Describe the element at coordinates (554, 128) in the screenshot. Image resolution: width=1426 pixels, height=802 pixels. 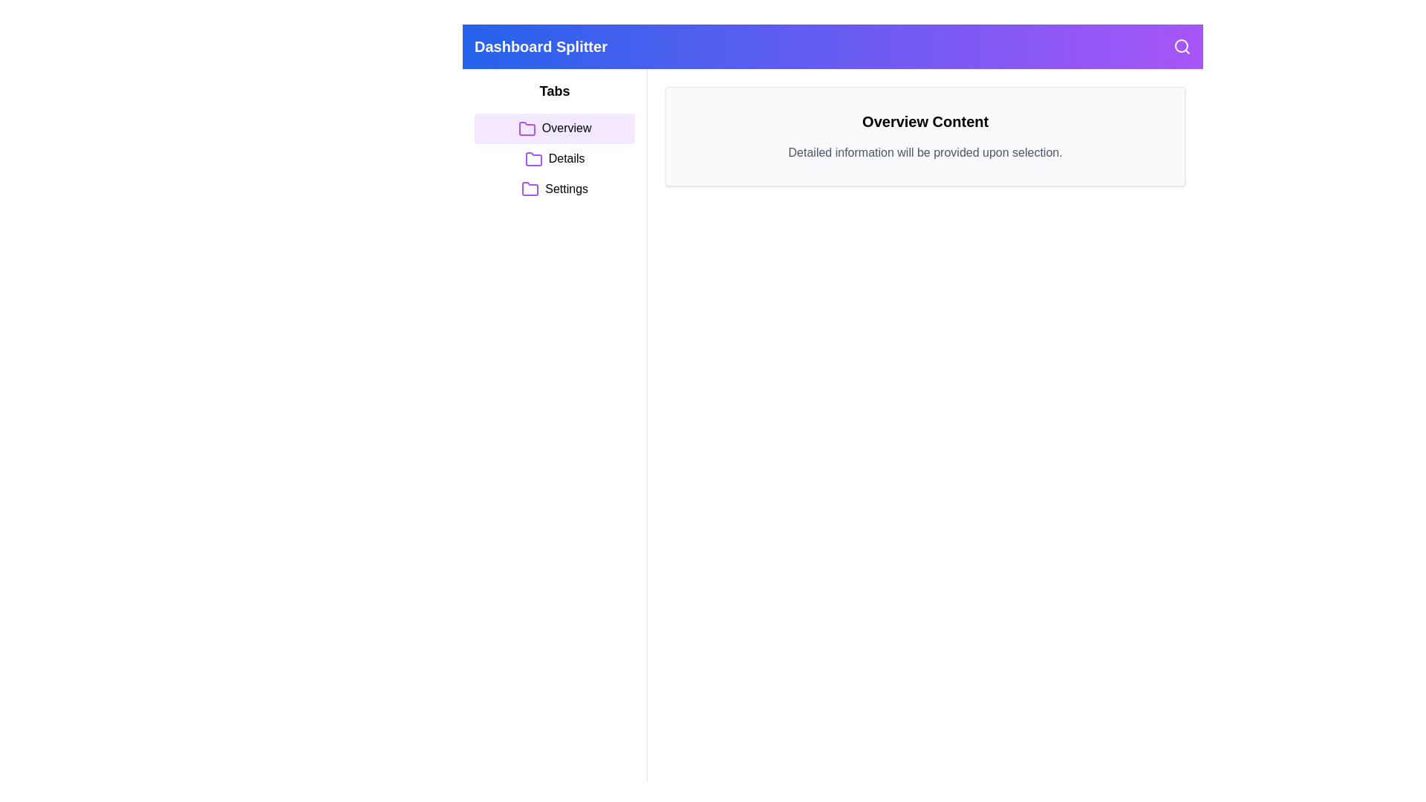
I see `the 'Overview' button in the sidebar, which is the first item in a vertical list of navigational buttons, highlighted in purple with a folder icon` at that location.